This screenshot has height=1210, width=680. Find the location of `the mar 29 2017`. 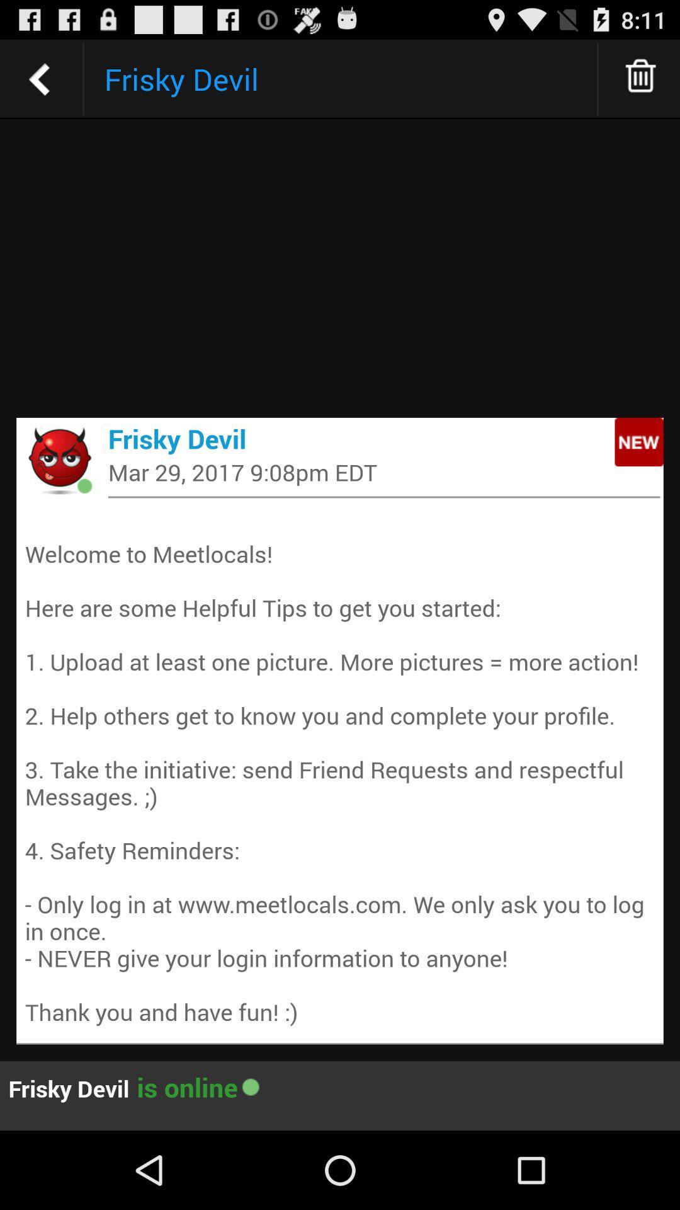

the mar 29 2017 is located at coordinates (383, 471).